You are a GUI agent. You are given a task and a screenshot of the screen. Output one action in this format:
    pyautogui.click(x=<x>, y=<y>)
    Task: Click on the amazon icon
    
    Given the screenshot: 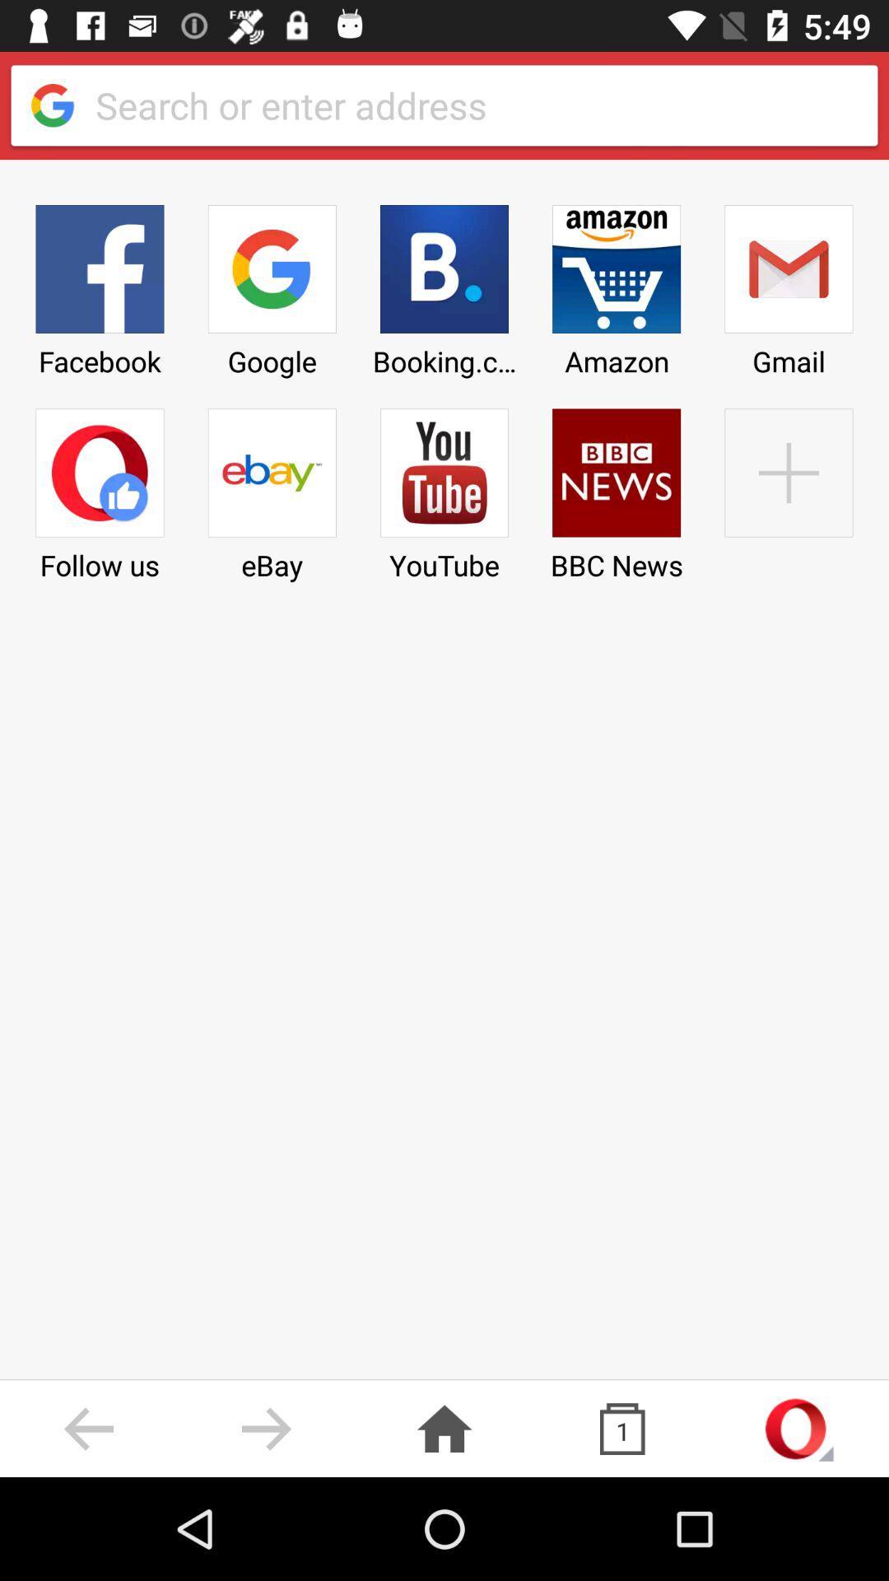 What is the action you would take?
    pyautogui.click(x=617, y=285)
    